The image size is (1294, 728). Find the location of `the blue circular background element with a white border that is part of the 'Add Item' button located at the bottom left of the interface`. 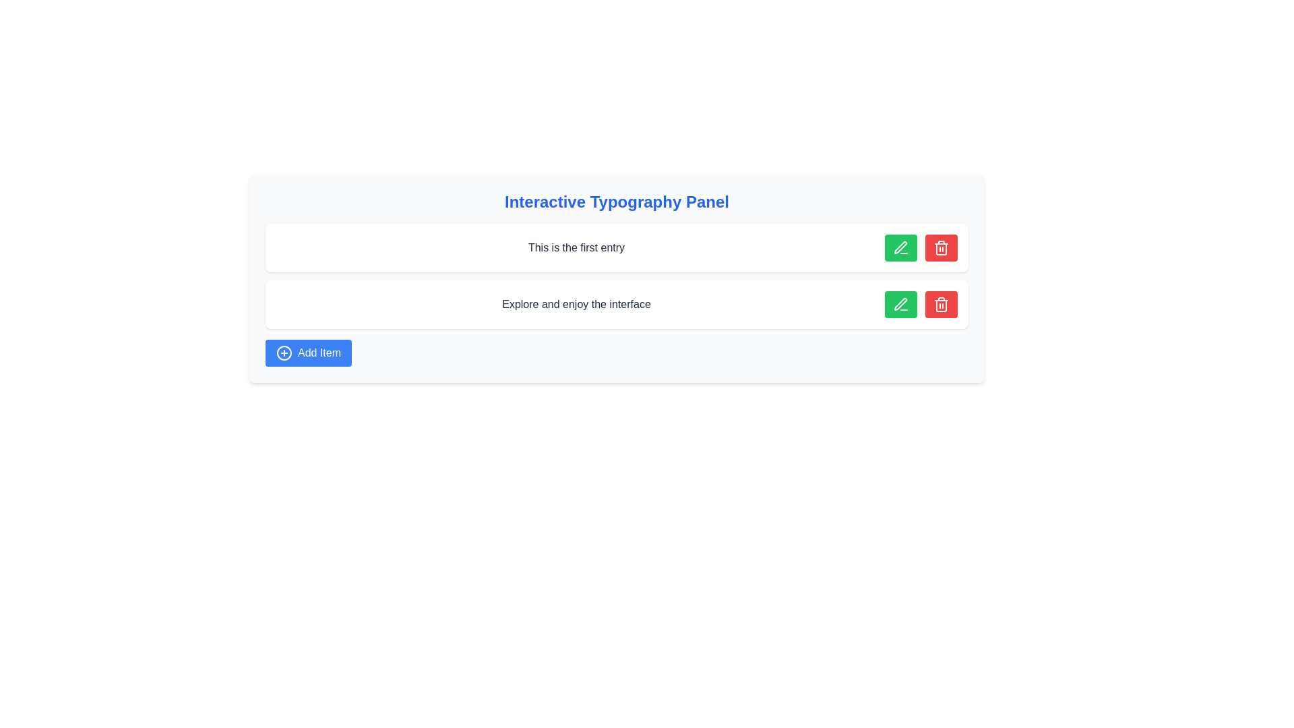

the blue circular background element with a white border that is part of the 'Add Item' button located at the bottom left of the interface is located at coordinates (284, 353).